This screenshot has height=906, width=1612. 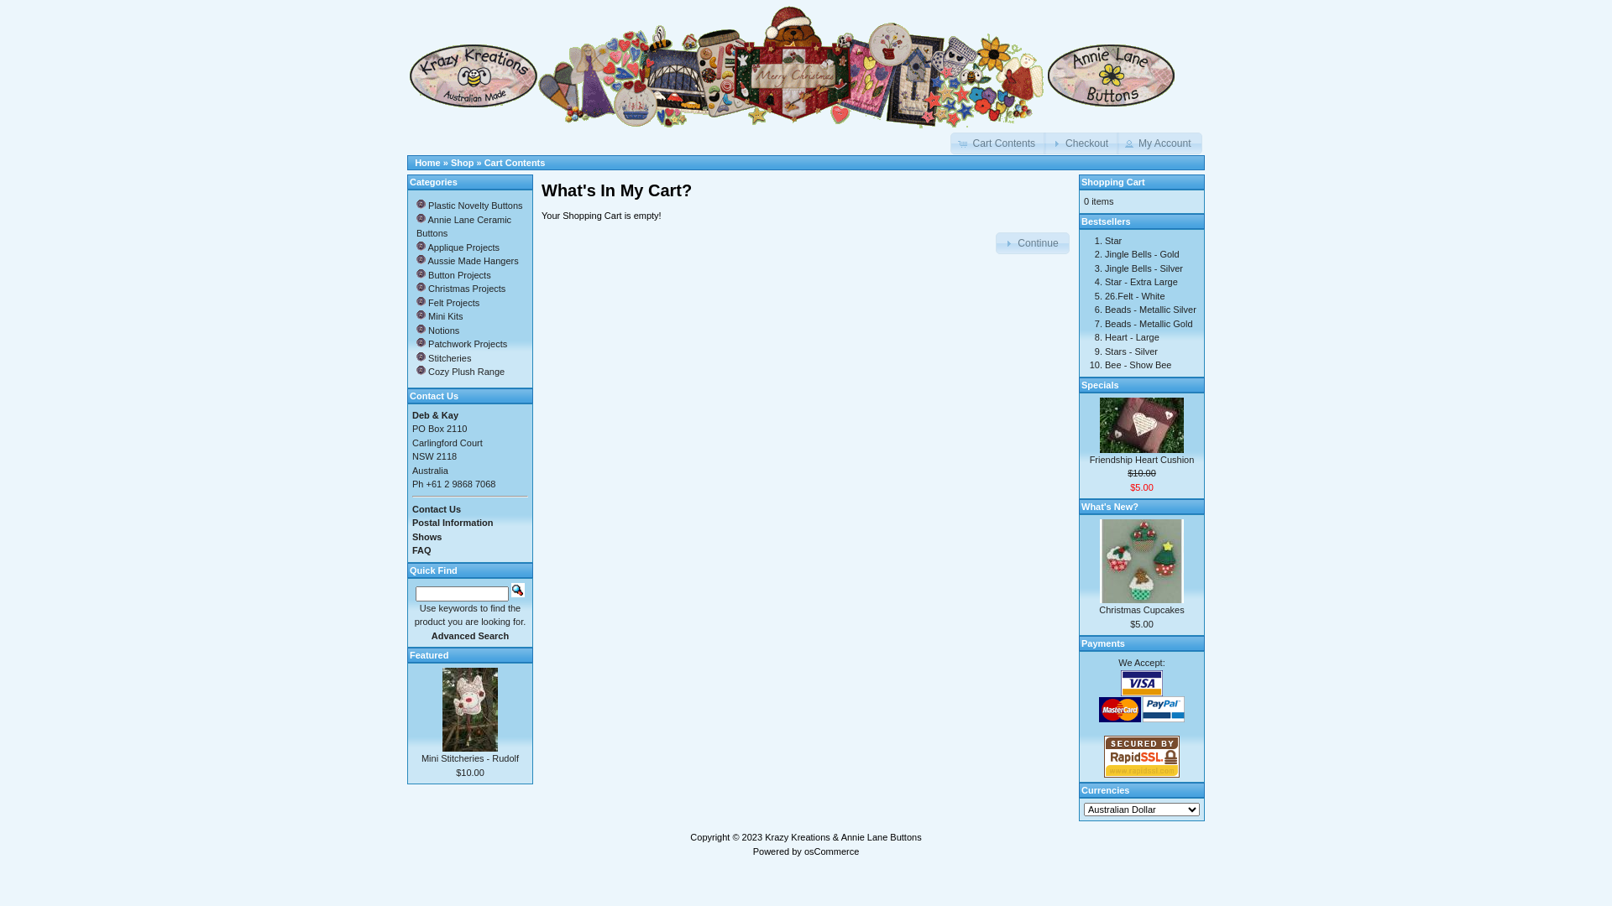 What do you see at coordinates (1132, 336) in the screenshot?
I see `'Heart - Large'` at bounding box center [1132, 336].